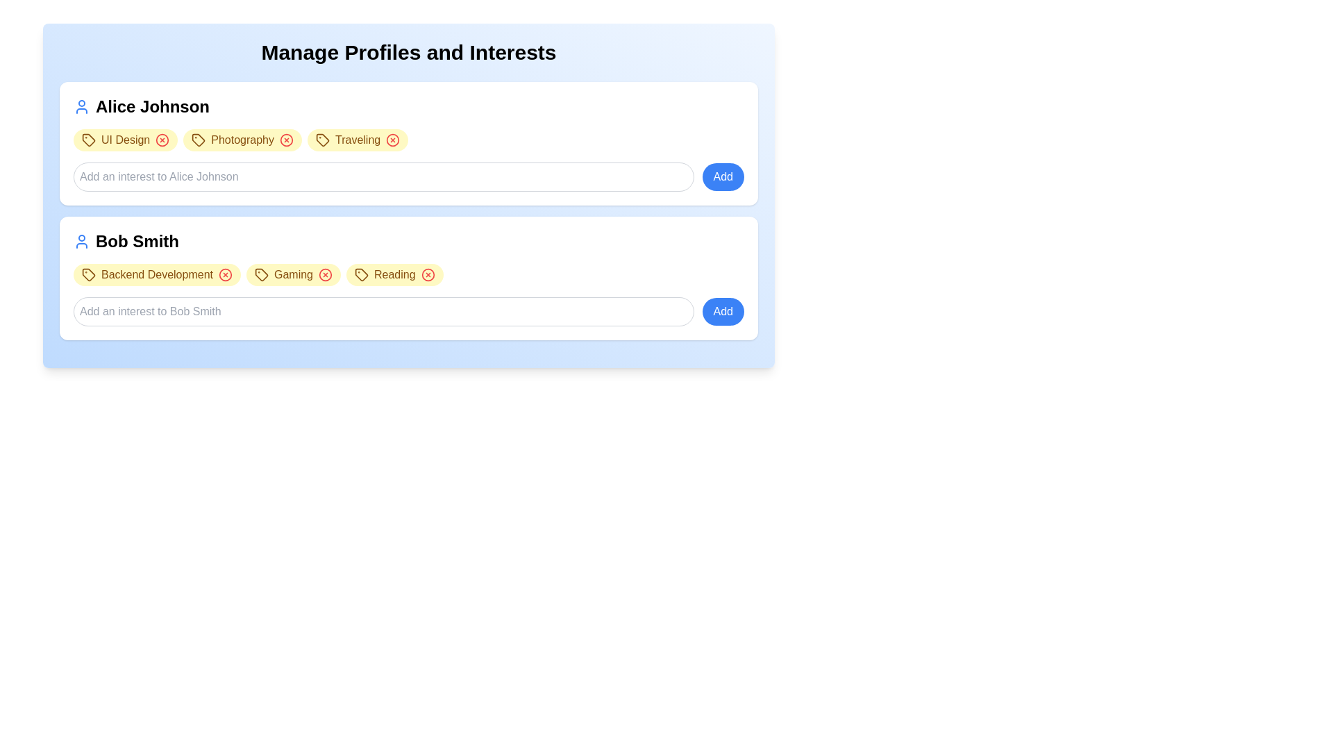 This screenshot has width=1333, height=750. Describe the element at coordinates (162, 140) in the screenshot. I see `the circular removal button next to the 'UI Design' tag in Alice Johnson's profile` at that location.